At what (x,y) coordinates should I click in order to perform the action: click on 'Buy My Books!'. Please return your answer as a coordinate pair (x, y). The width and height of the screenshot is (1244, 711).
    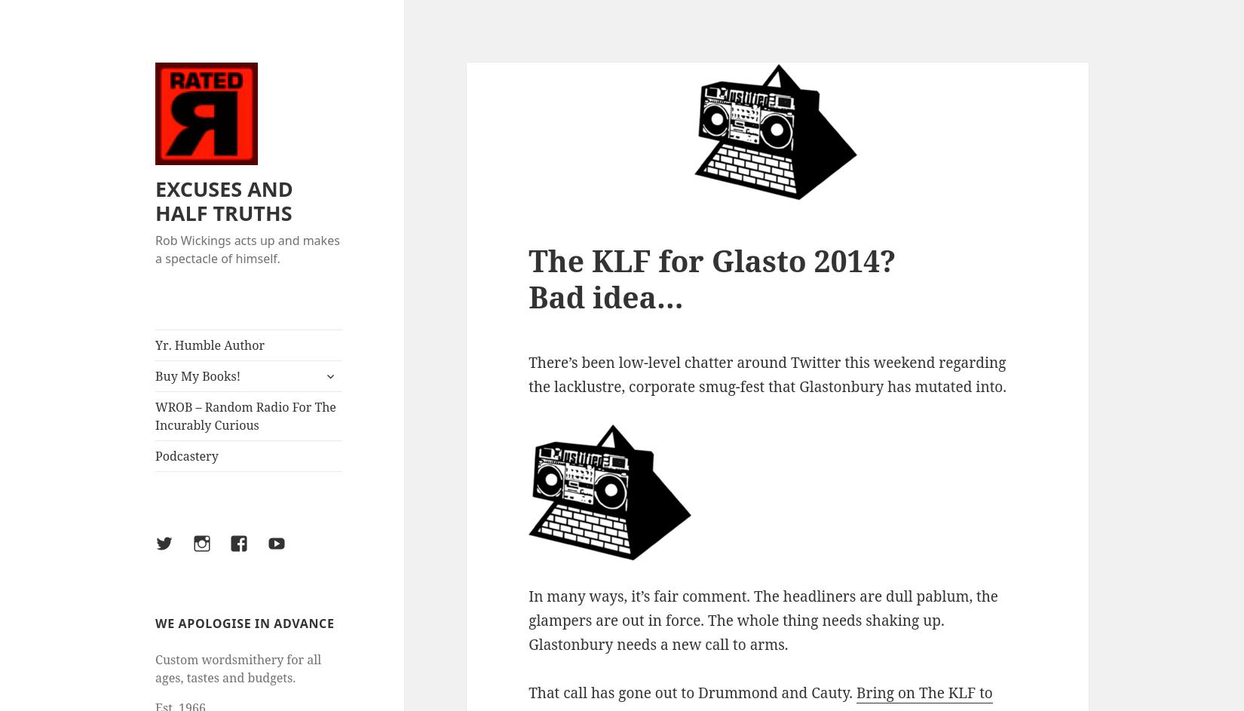
    Looking at the image, I should click on (198, 375).